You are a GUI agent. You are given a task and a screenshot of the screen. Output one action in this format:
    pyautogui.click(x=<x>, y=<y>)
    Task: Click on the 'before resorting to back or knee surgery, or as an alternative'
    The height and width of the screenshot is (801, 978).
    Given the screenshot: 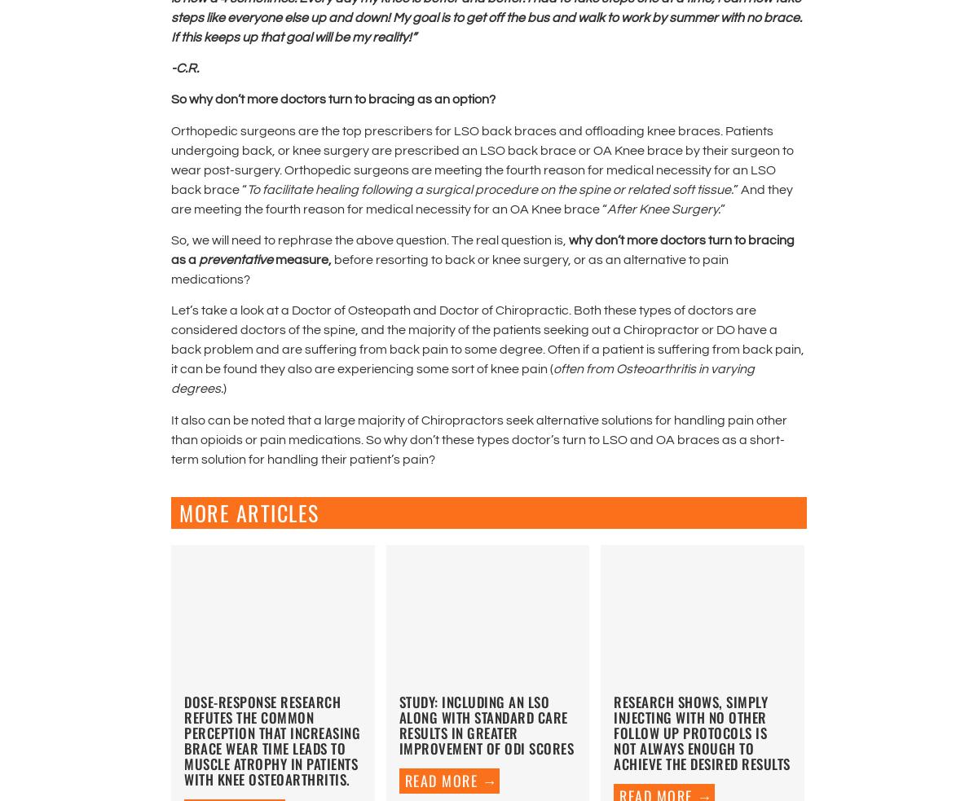 What is the action you would take?
    pyautogui.click(x=510, y=259)
    